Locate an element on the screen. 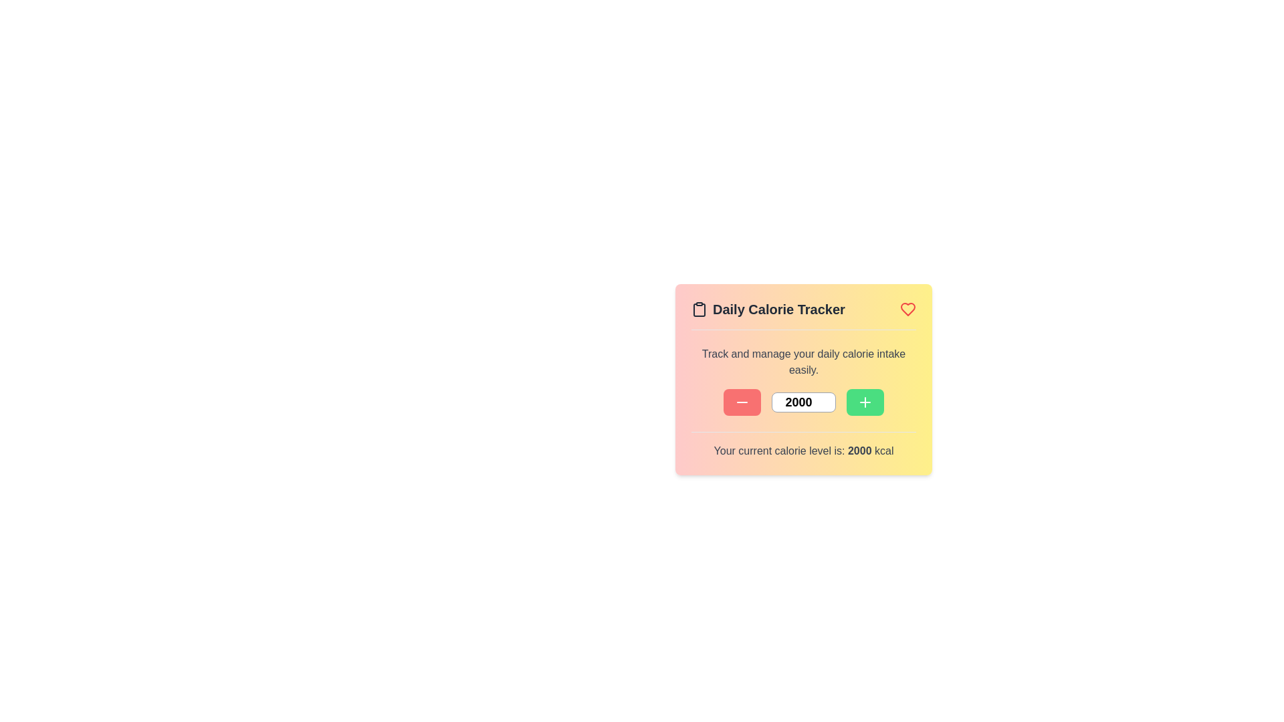 The height and width of the screenshot is (722, 1284). the icon representing the 'Daily Calorie Tracker' located in the header of the card-like layout, positioned to the left of the title text is located at coordinates (699, 309).